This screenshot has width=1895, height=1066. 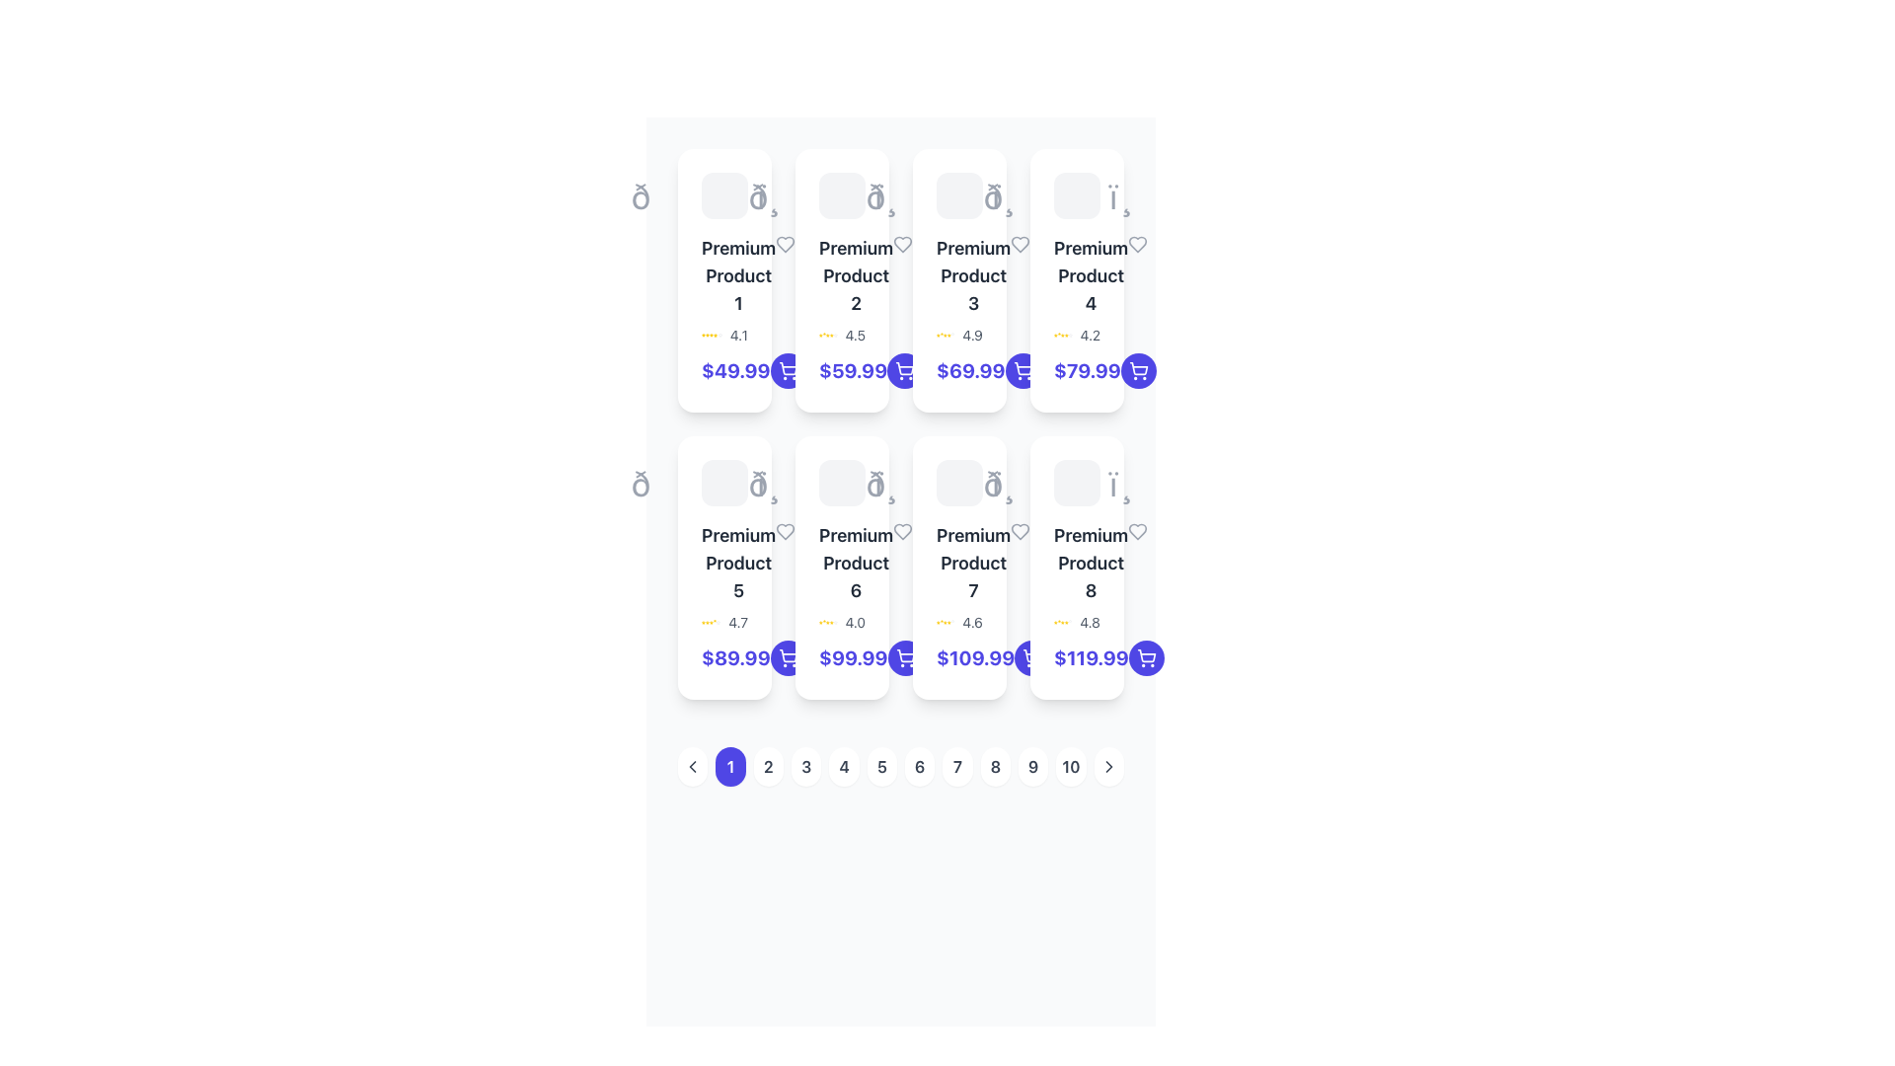 What do you see at coordinates (828, 623) in the screenshot?
I see `the fourth yellow star icon in the rating group next to the numeric rating '4.0' for the product 'Premium Product 6'` at bounding box center [828, 623].